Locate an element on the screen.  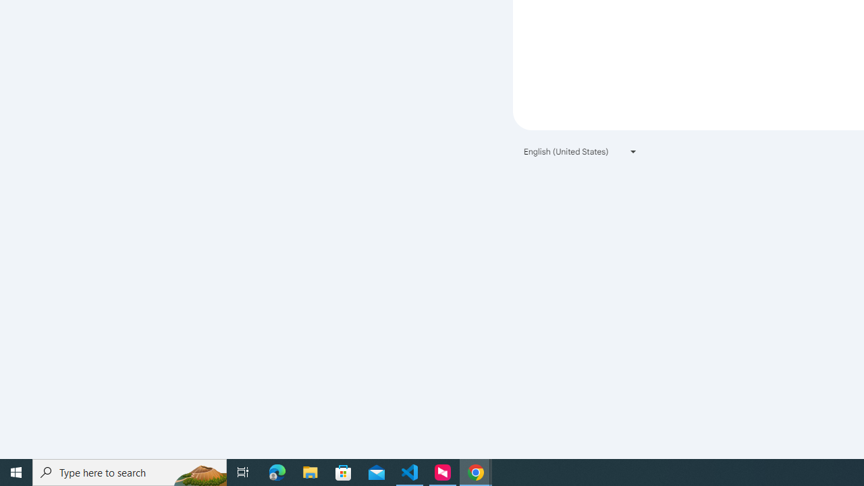
'English (United States)' is located at coordinates (580, 151).